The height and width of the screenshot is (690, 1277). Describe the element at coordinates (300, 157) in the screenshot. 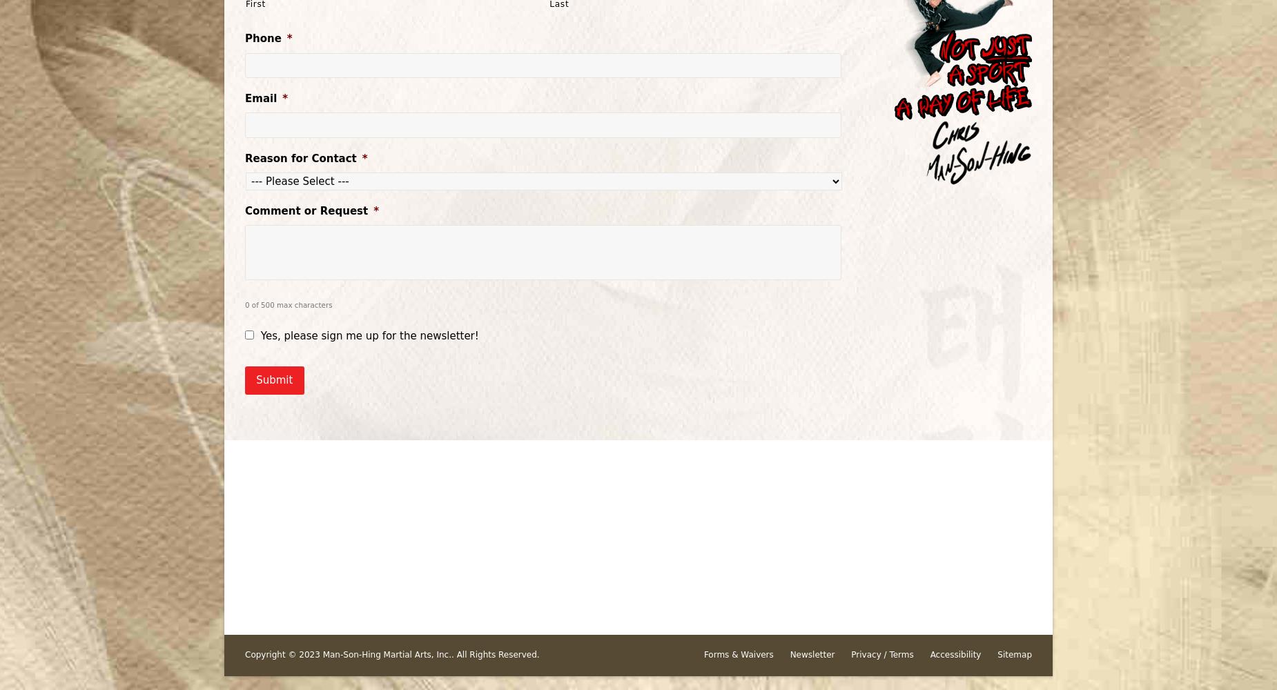

I see `'Reason for Contact'` at that location.